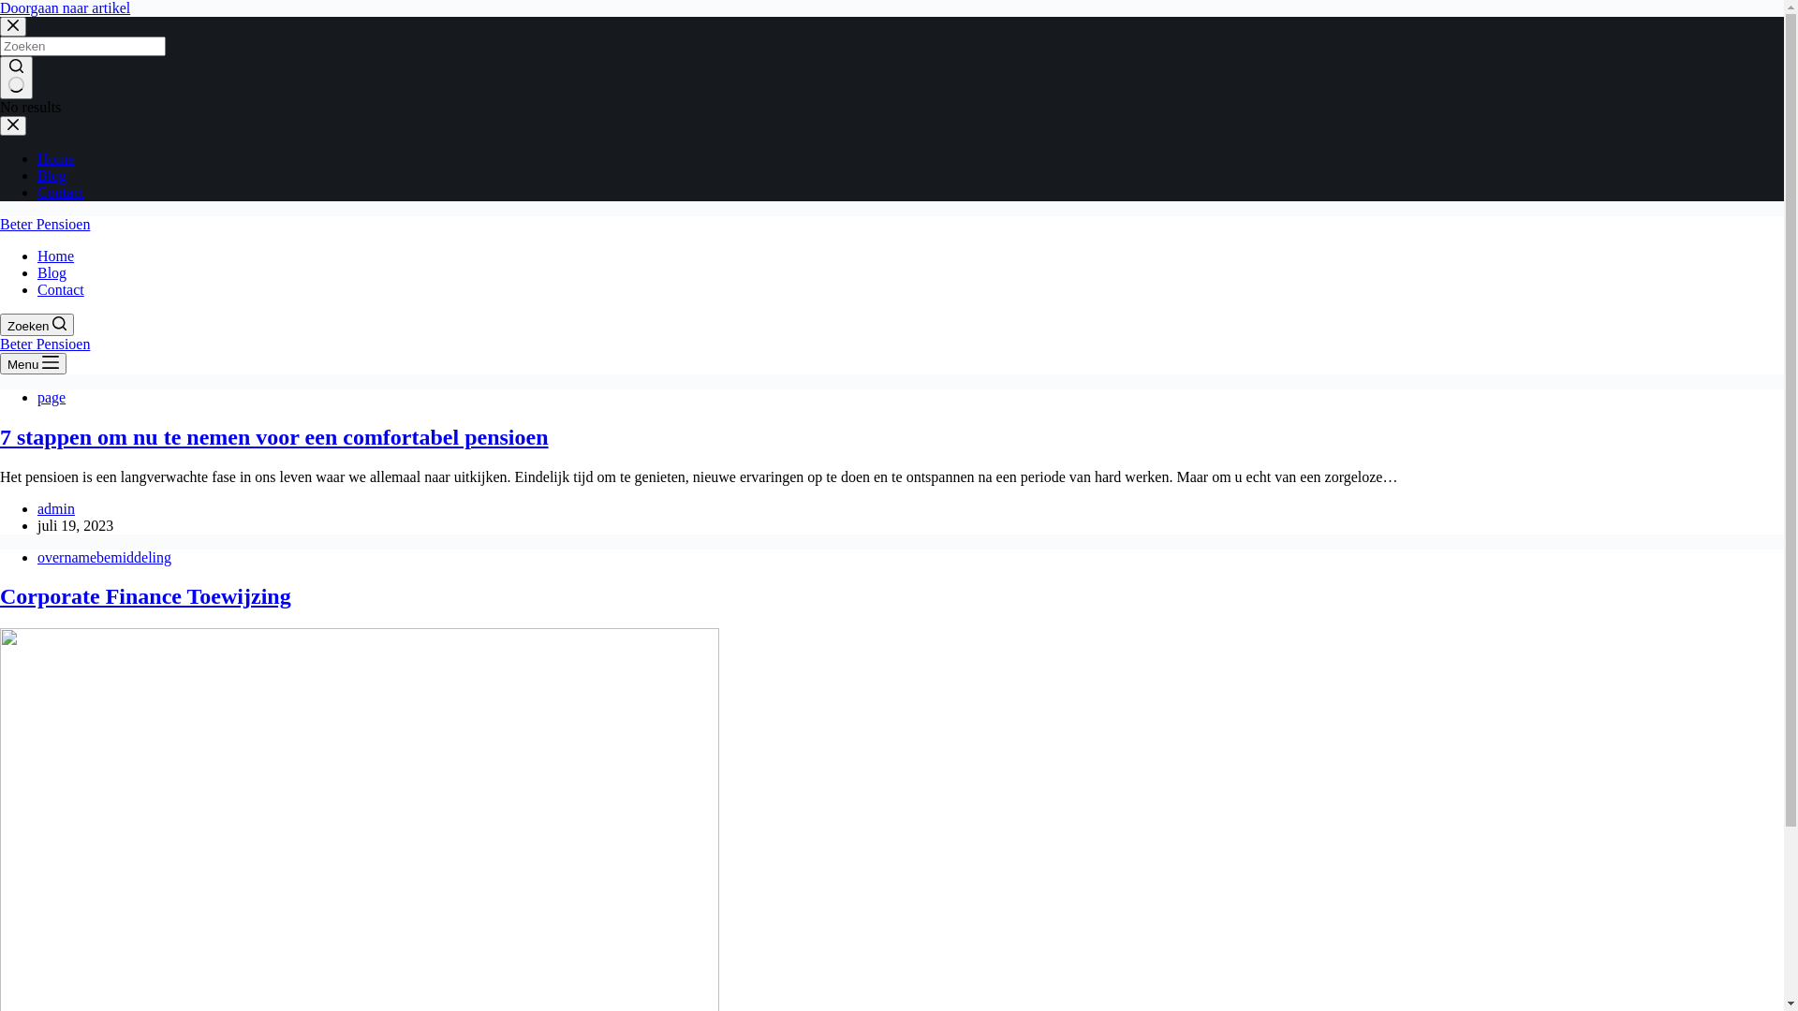  Describe the element at coordinates (55, 256) in the screenshot. I see `'Home'` at that location.